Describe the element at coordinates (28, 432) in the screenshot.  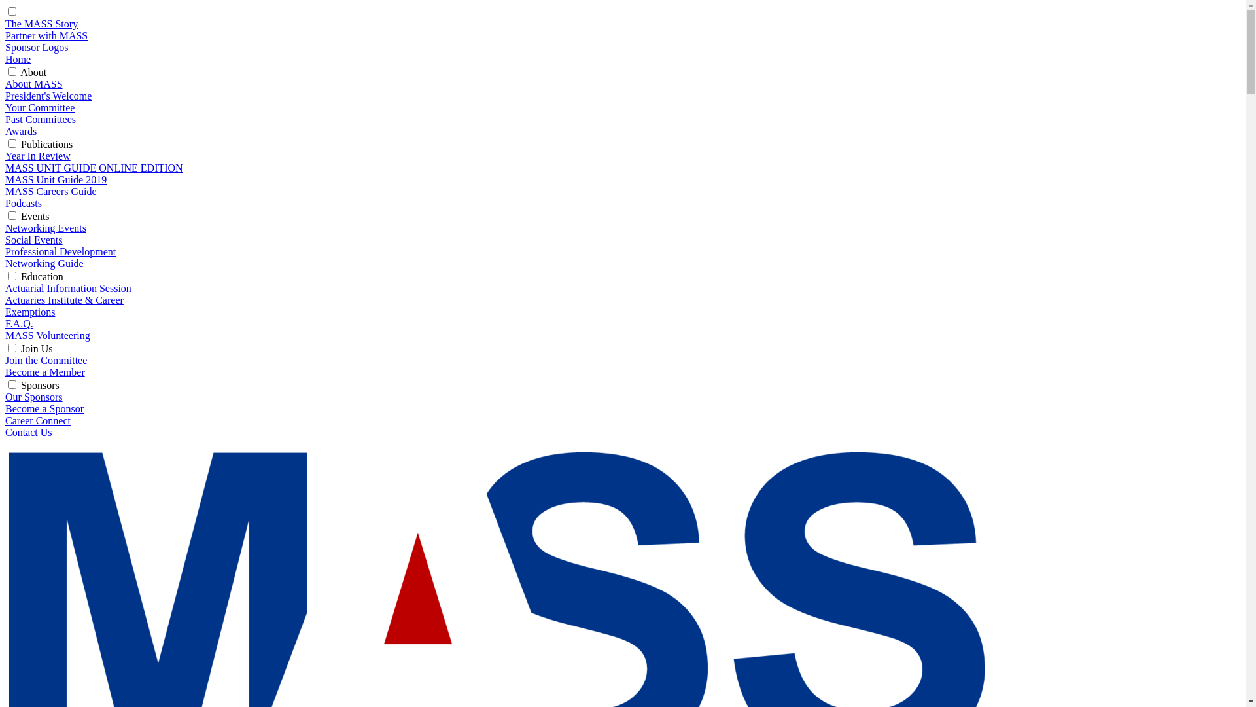
I see `'Contact Us'` at that location.